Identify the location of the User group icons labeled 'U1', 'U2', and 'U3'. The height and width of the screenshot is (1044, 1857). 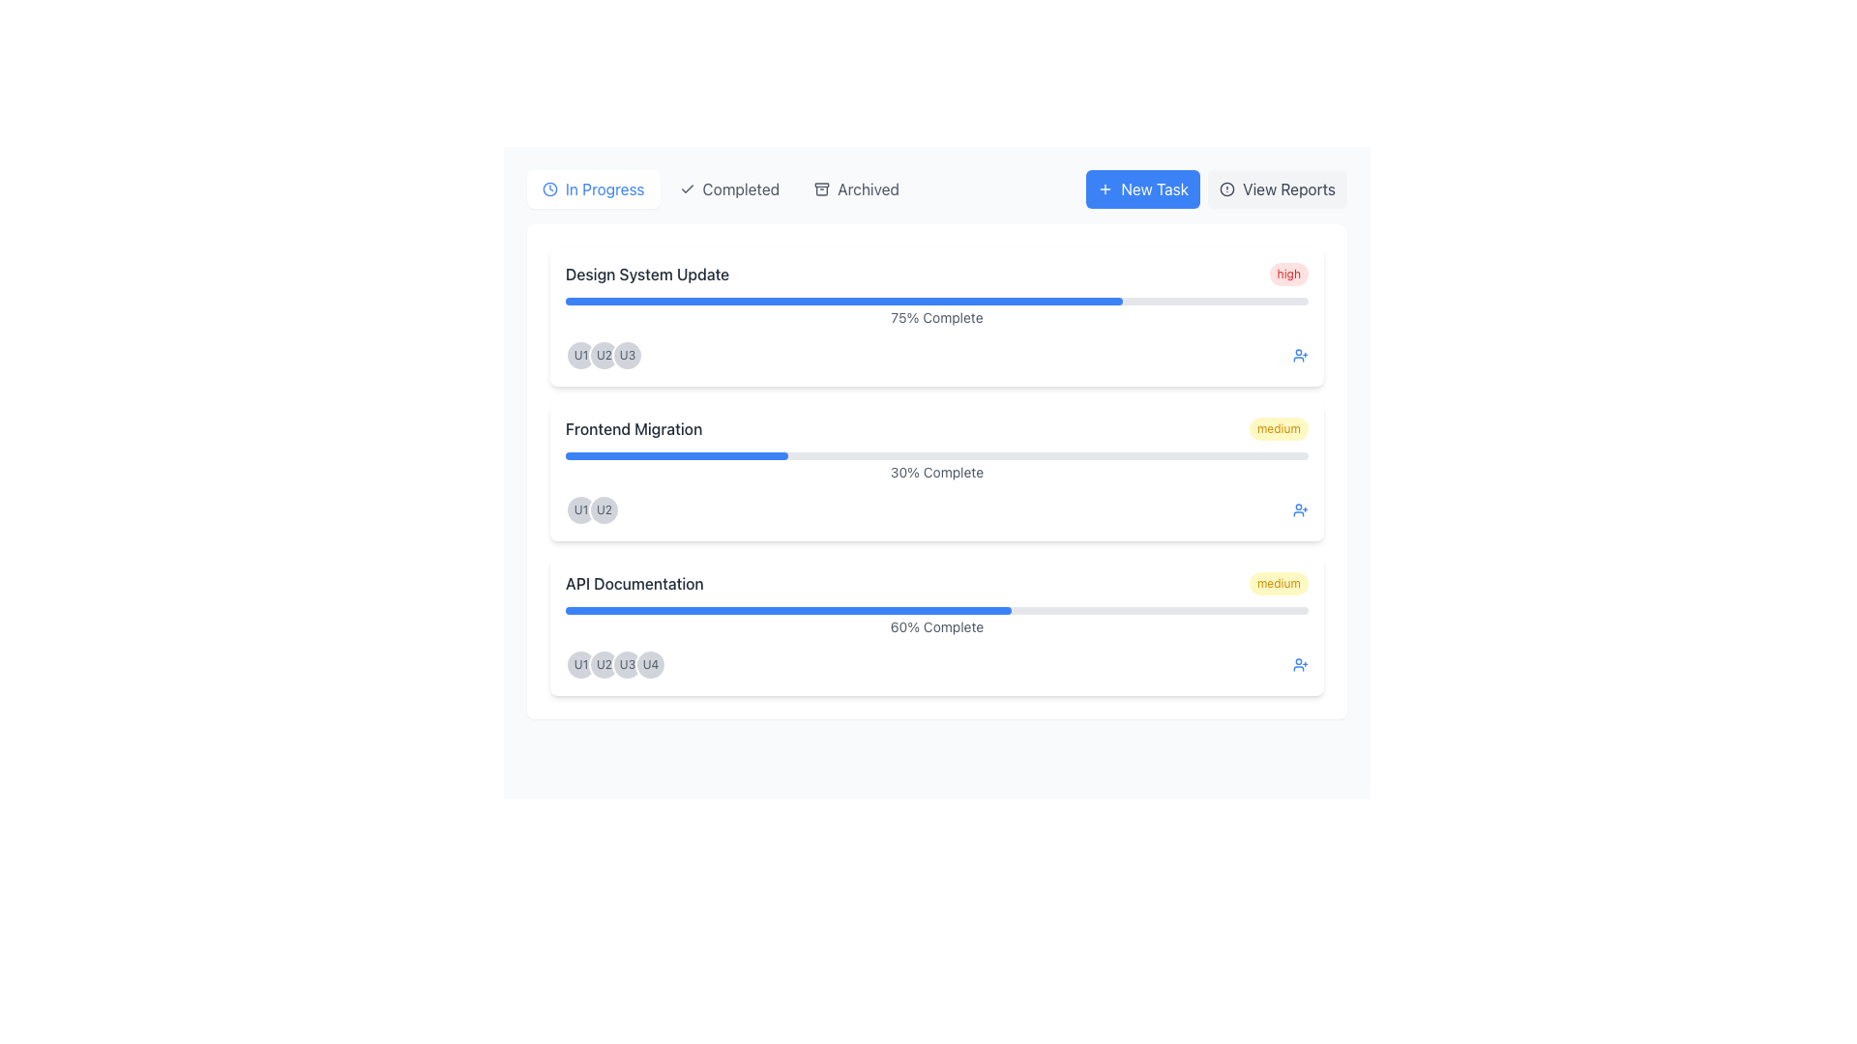
(937, 355).